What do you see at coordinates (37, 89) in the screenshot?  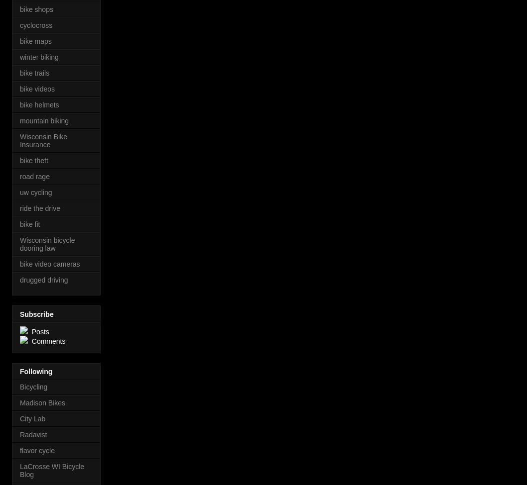 I see `'bike videos'` at bounding box center [37, 89].